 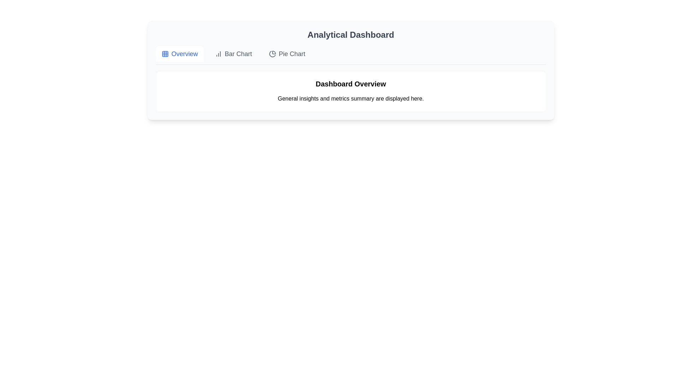 What do you see at coordinates (185, 54) in the screenshot?
I see `the 'Overview' tab label, which is located on the leftmost side of the tab menu and follows the grid icon` at bounding box center [185, 54].